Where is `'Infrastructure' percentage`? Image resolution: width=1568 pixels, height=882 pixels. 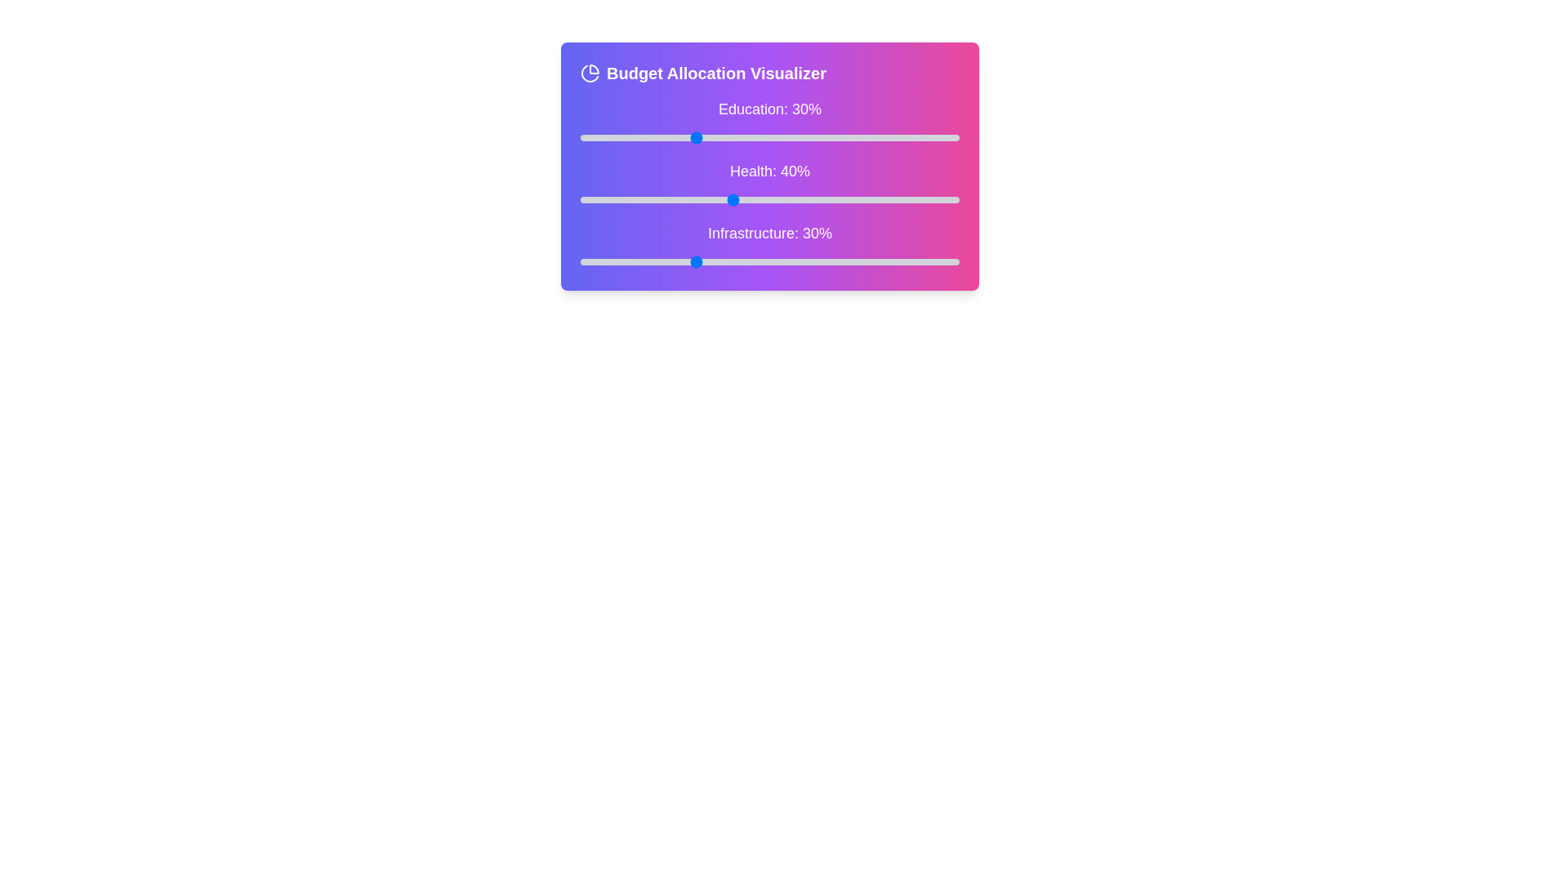 'Infrastructure' percentage is located at coordinates (713, 261).